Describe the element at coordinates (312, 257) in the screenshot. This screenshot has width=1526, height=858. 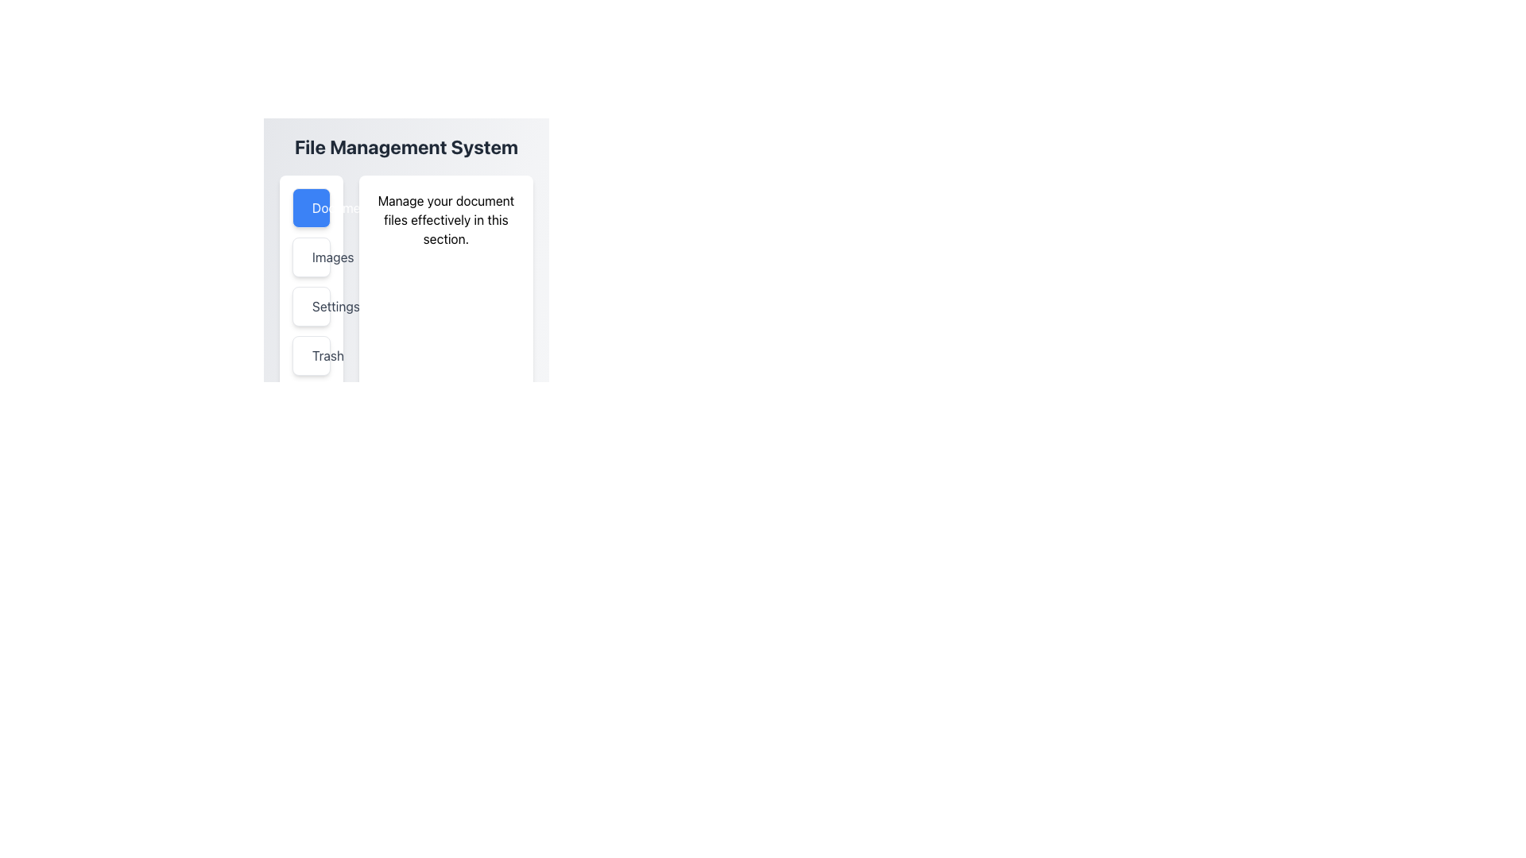
I see `the decorative border of the image icon in the vertical menu, located below the 'Documents' button and above the 'Settings' button` at that location.